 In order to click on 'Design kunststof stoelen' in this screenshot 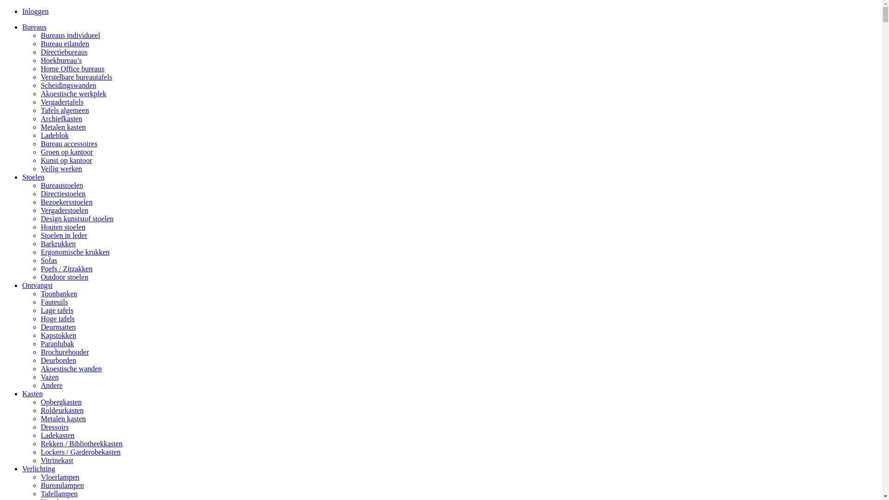, I will do `click(77, 219)`.